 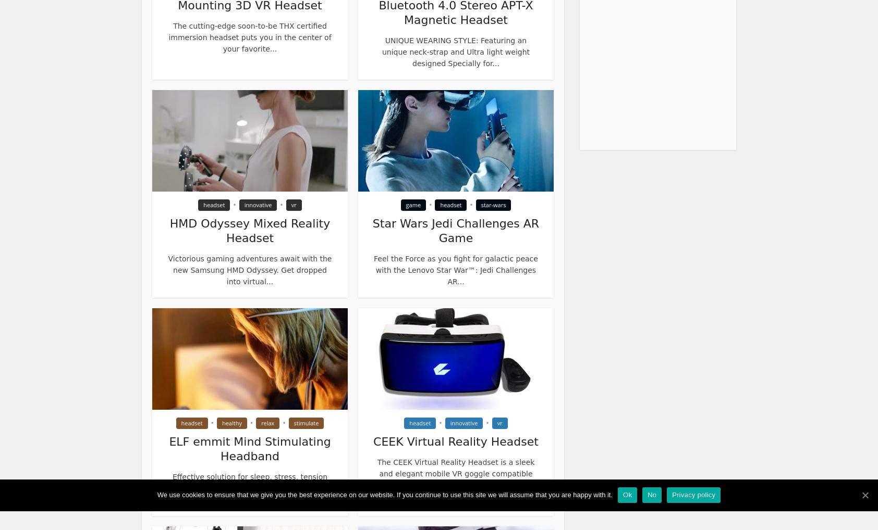 I want to click on 'Victorious gaming adventures await with the new Samsung HMD Odyssey. Get dropped into virtual...', so click(x=249, y=269).